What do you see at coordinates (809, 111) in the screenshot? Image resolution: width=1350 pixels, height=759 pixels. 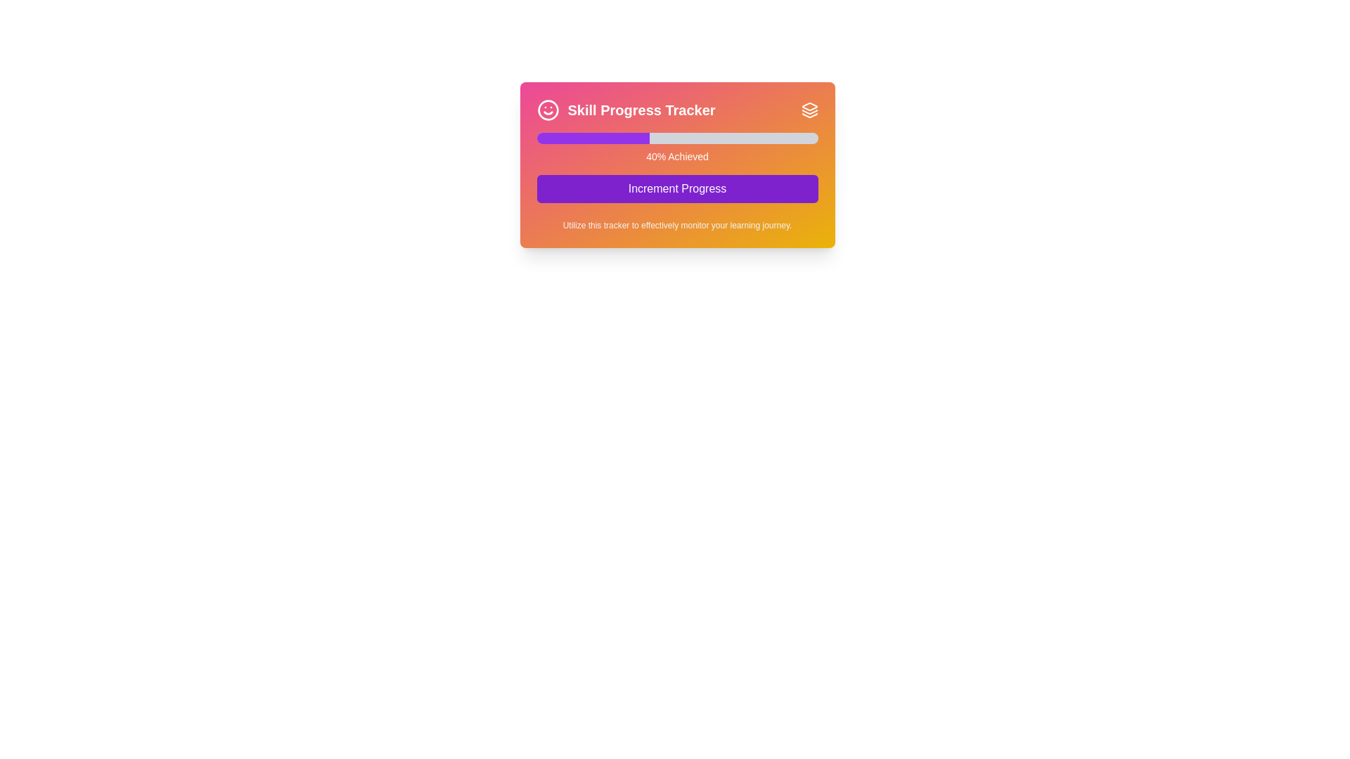 I see `the middle triangle of the decorative stack in the 'Skill Progress Tracker' card located in the top-right section of the UI` at bounding box center [809, 111].